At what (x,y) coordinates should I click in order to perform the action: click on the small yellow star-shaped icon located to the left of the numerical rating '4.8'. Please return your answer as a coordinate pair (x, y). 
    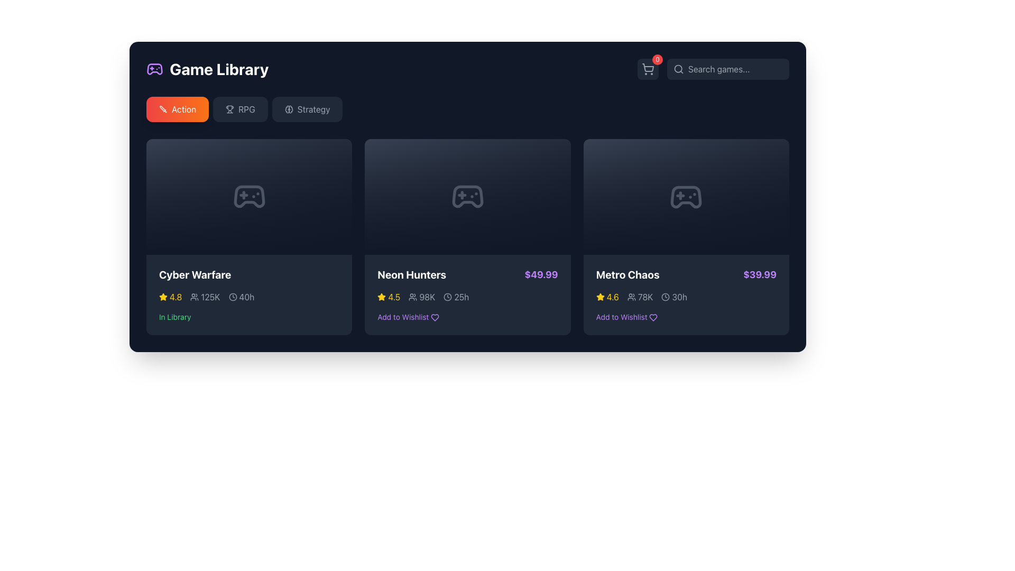
    Looking at the image, I should click on (162, 296).